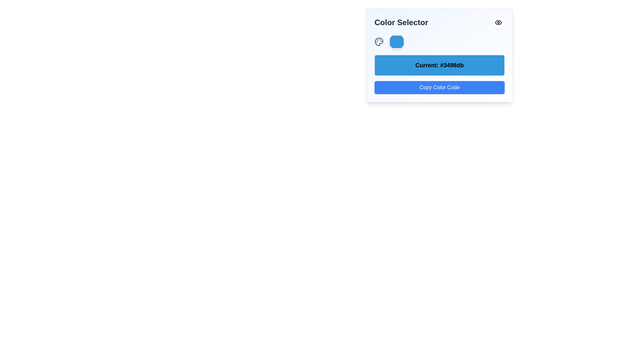 This screenshot has width=628, height=353. I want to click on the circular eye icon button located at the top-right corner of the Color Selector interface, which has a white background and rounded edges, so click(498, 22).